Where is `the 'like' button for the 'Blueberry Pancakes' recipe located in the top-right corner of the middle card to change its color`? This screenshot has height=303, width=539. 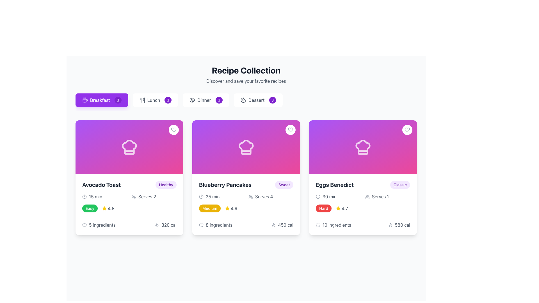 the 'like' button for the 'Blueberry Pancakes' recipe located in the top-right corner of the middle card to change its color is located at coordinates (291, 130).